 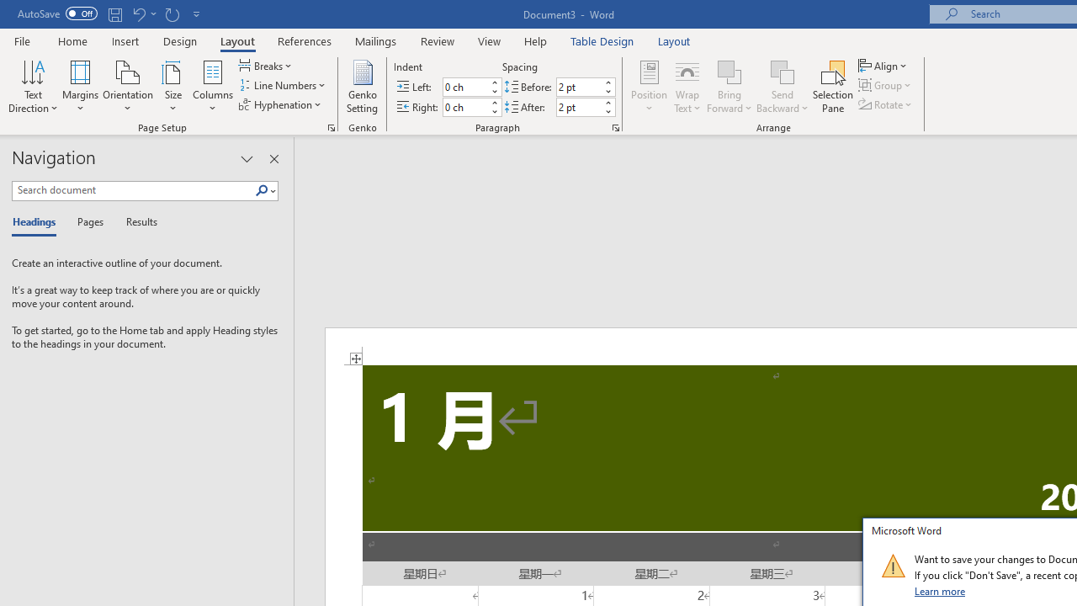 What do you see at coordinates (782, 71) in the screenshot?
I see `'Send Backward'` at bounding box center [782, 71].